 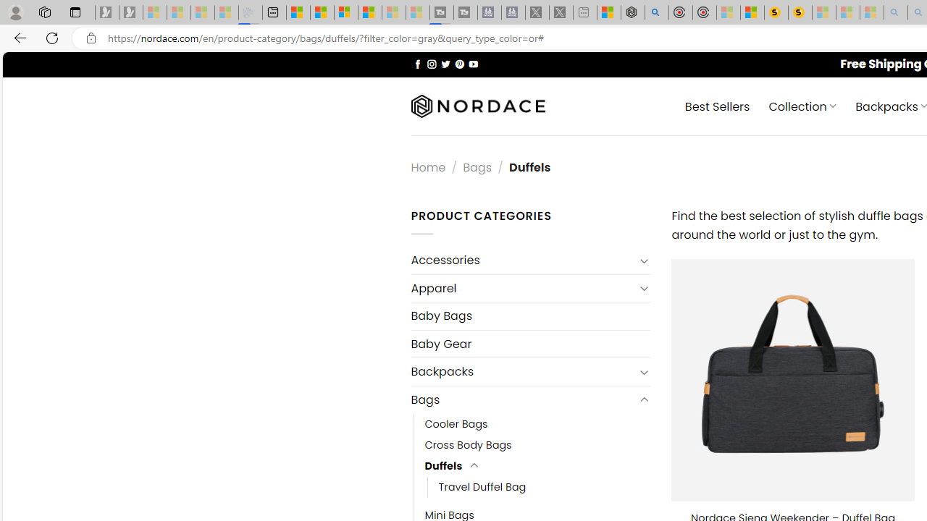 I want to click on 'Travel Duffel Bag', so click(x=482, y=487).